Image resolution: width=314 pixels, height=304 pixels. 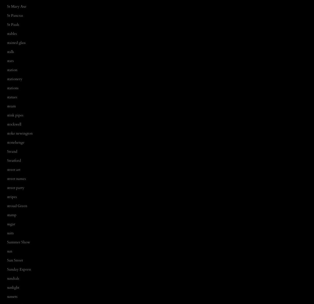 I want to click on 'stripes', so click(x=12, y=197).